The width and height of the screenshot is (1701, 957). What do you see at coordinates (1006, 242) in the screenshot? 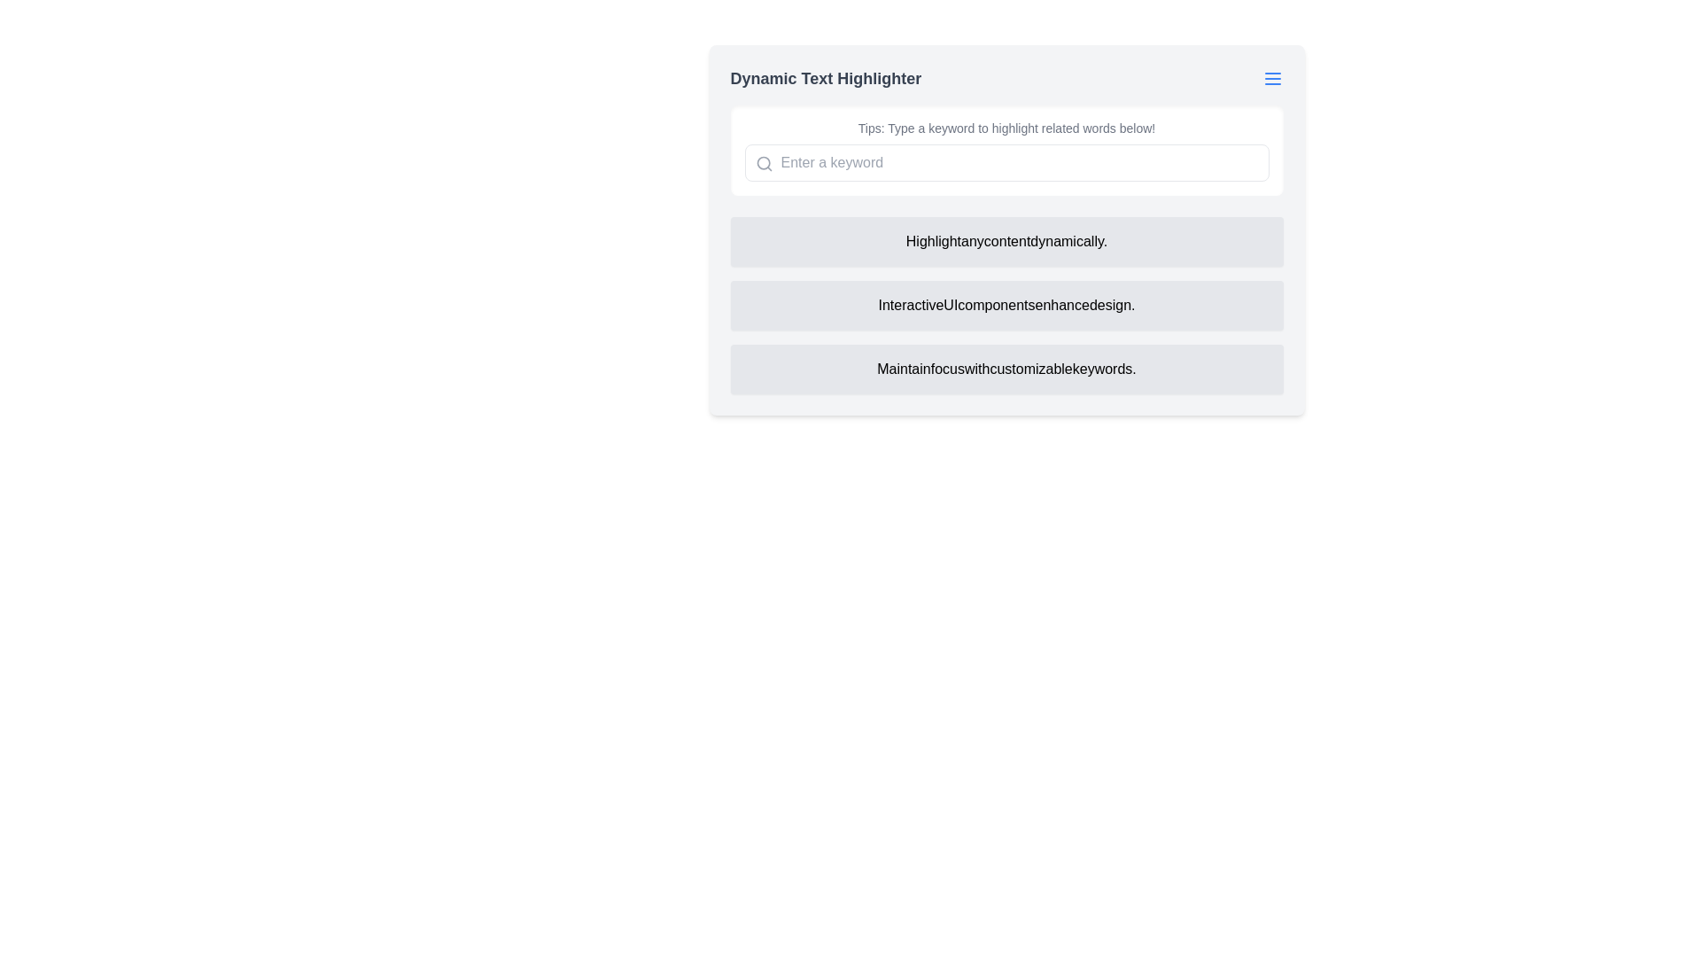
I see `the first static text block in the vertical list, which is positioned directly below the search bar and above the second element that starts with 'Interactive UI components enhance design.'` at bounding box center [1006, 242].